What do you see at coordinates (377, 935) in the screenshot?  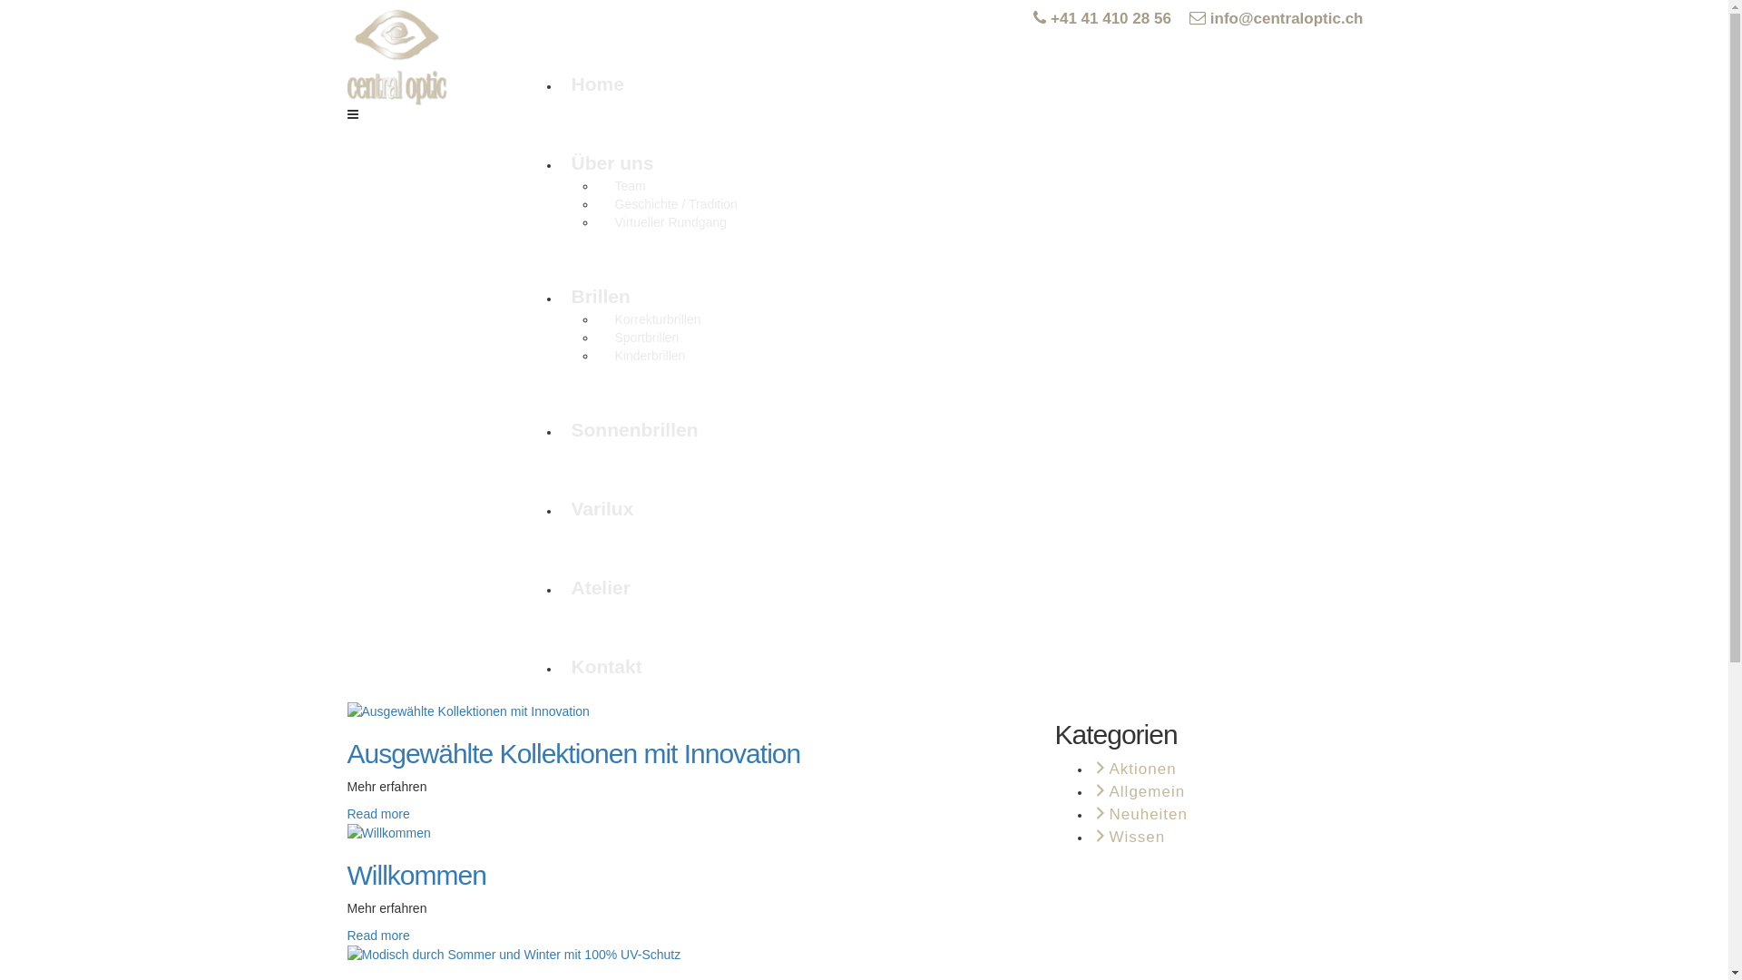 I see `'Read more'` at bounding box center [377, 935].